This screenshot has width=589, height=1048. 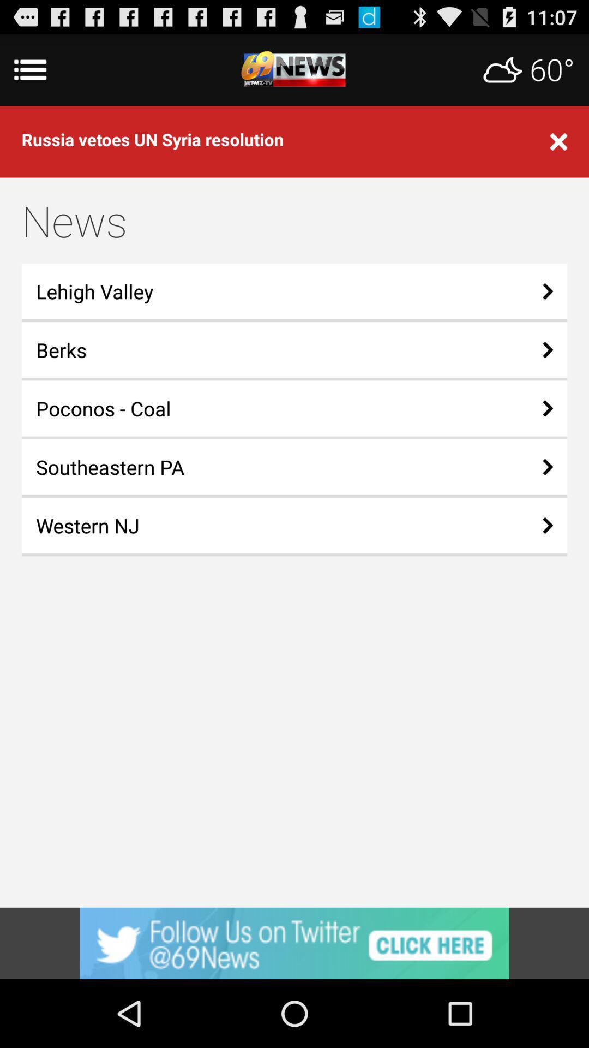 What do you see at coordinates (294, 943) in the screenshot?
I see `advertisement button` at bounding box center [294, 943].